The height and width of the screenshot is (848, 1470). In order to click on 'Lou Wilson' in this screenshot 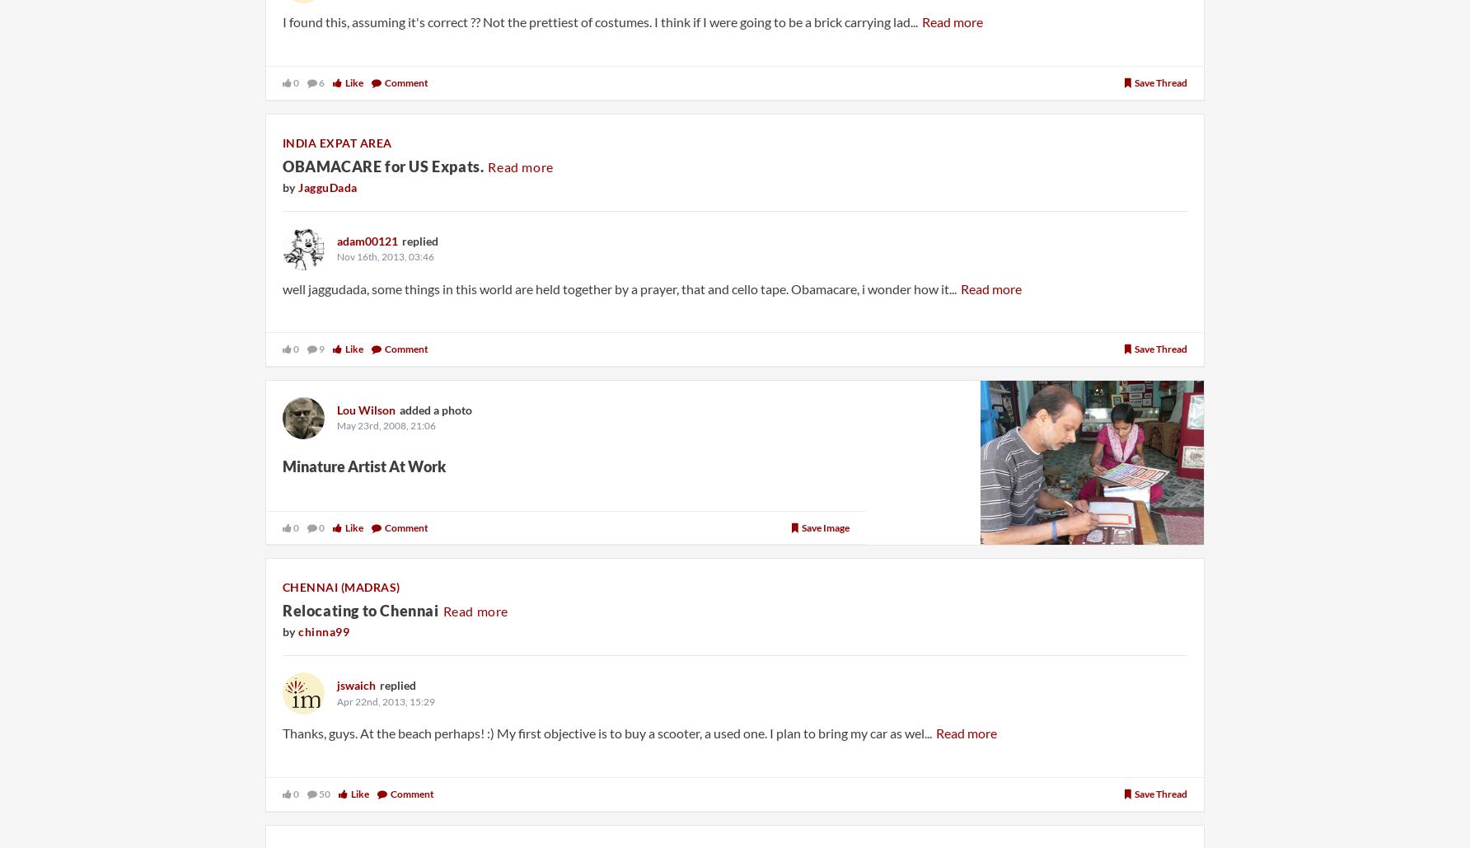, I will do `click(365, 409)`.